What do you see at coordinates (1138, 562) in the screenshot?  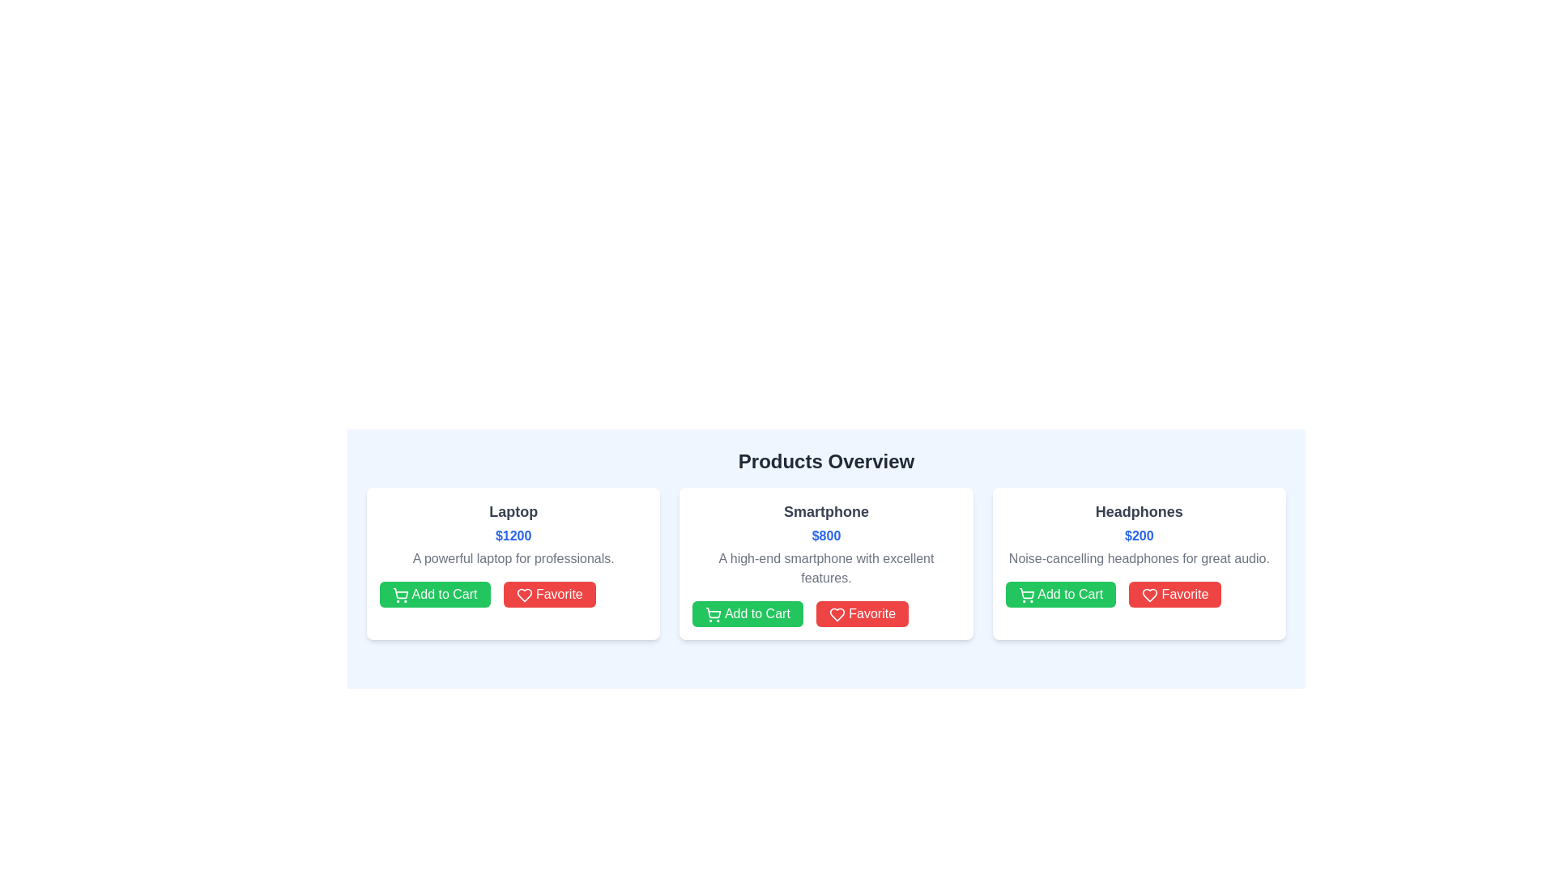 I see `the 'Add to Cart' button on the Product card titled 'Headphones', which is located in the grid layout with a white background and rounded corners` at bounding box center [1138, 562].